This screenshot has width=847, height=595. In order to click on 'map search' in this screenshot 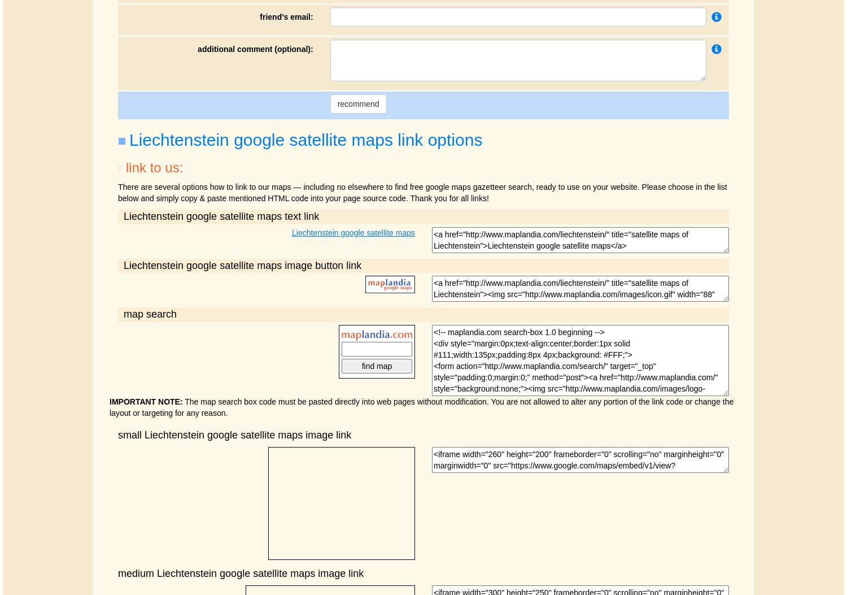, I will do `click(123, 313)`.